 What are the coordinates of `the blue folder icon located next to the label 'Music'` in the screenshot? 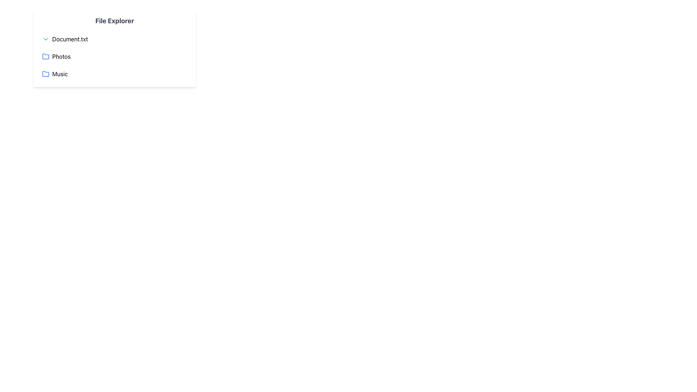 It's located at (45, 74).